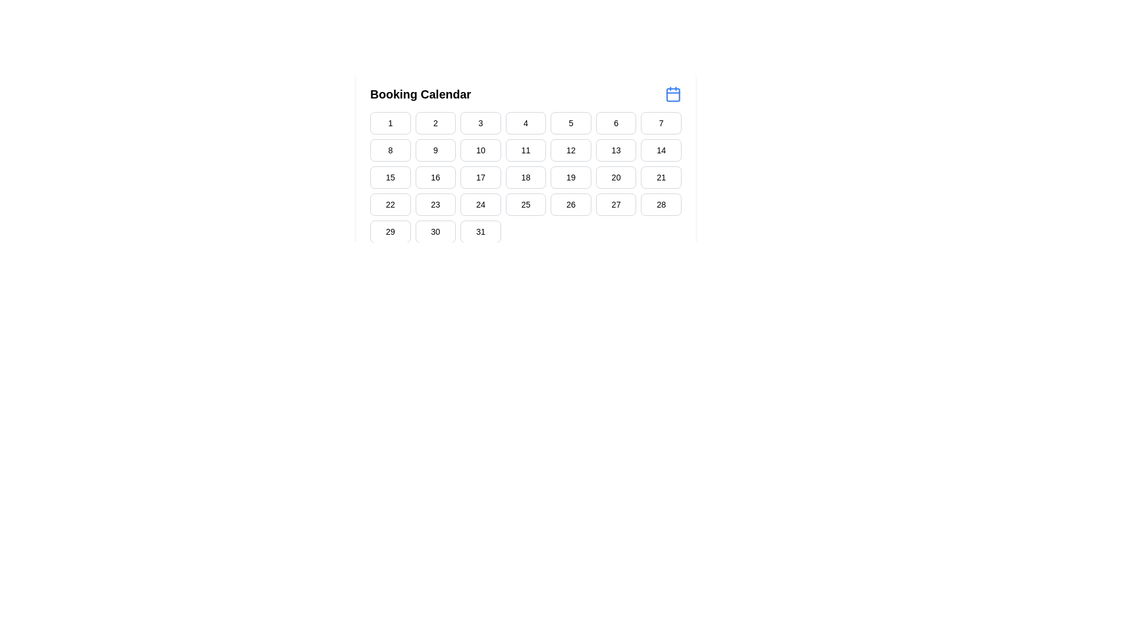  Describe the element at coordinates (571, 204) in the screenshot. I see `the interactive button that corresponds to selecting the 26th day in the calendar interface, located in the fourth row and fifth column of the grid` at that location.